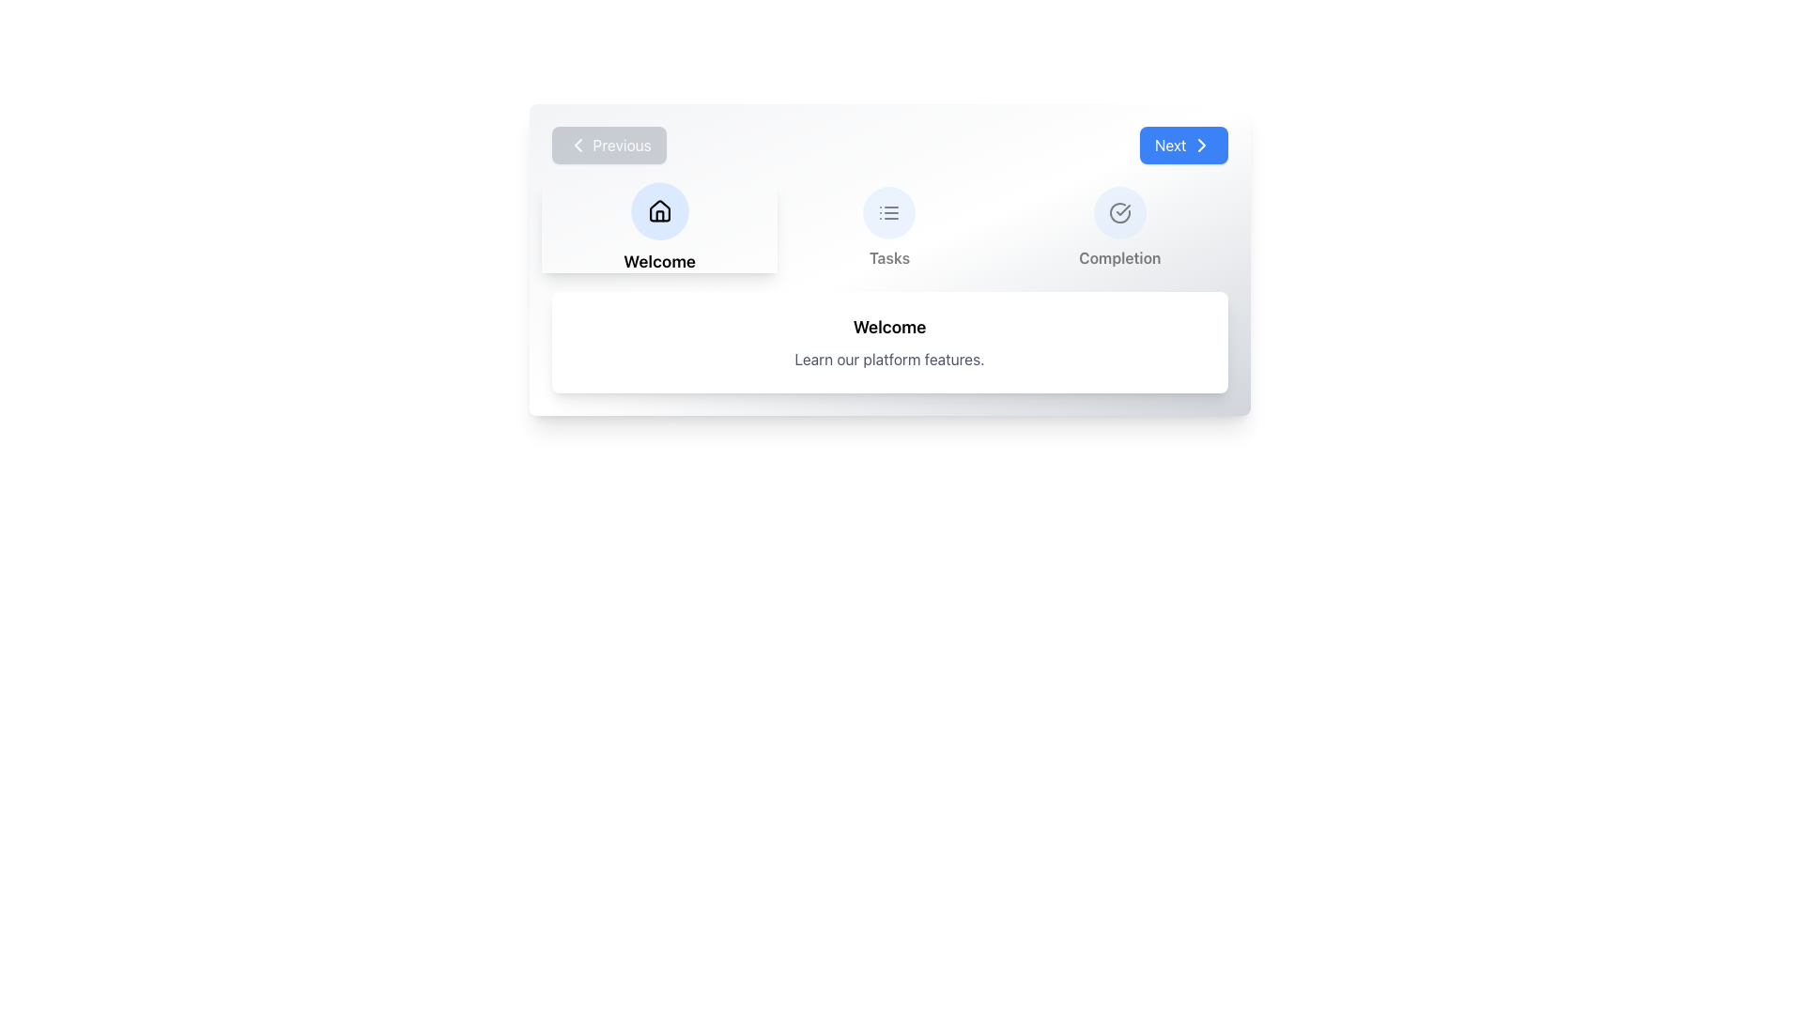  I want to click on the circular vector graphic that represents a progress or check indicator within the 'Completion' icon, specifically near its lower-left quadrant, so click(1119, 212).